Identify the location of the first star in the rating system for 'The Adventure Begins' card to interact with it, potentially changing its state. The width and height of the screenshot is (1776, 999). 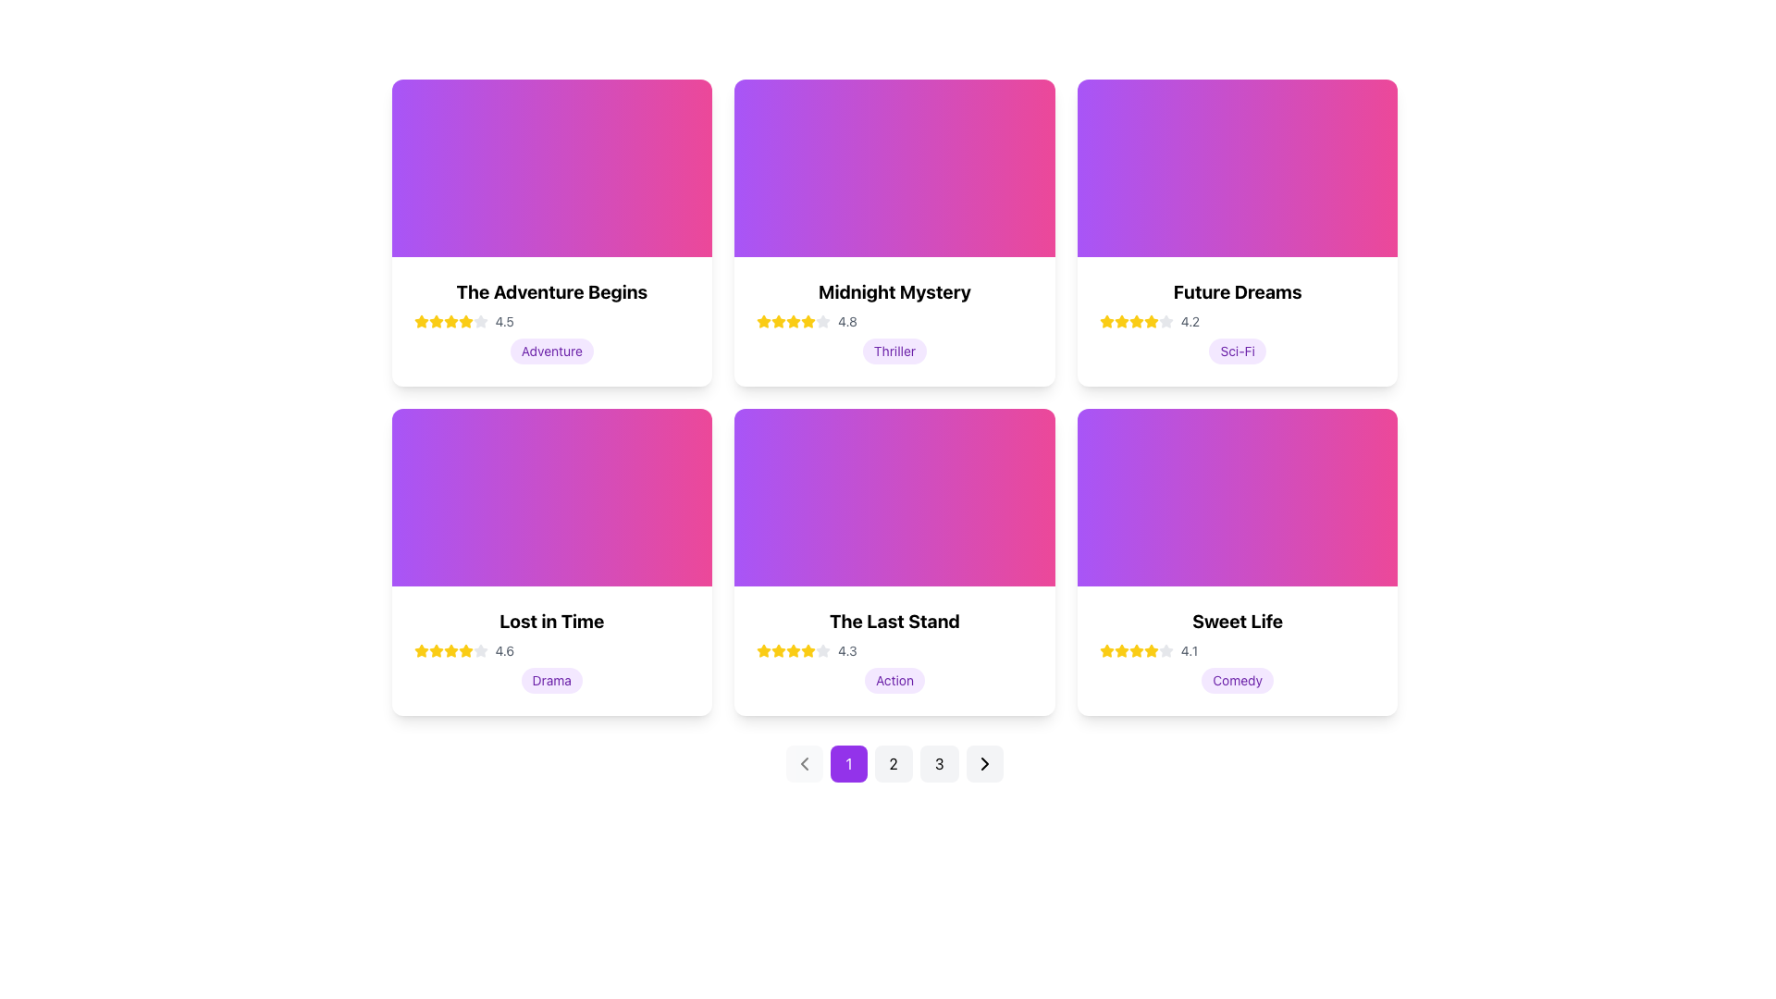
(435, 320).